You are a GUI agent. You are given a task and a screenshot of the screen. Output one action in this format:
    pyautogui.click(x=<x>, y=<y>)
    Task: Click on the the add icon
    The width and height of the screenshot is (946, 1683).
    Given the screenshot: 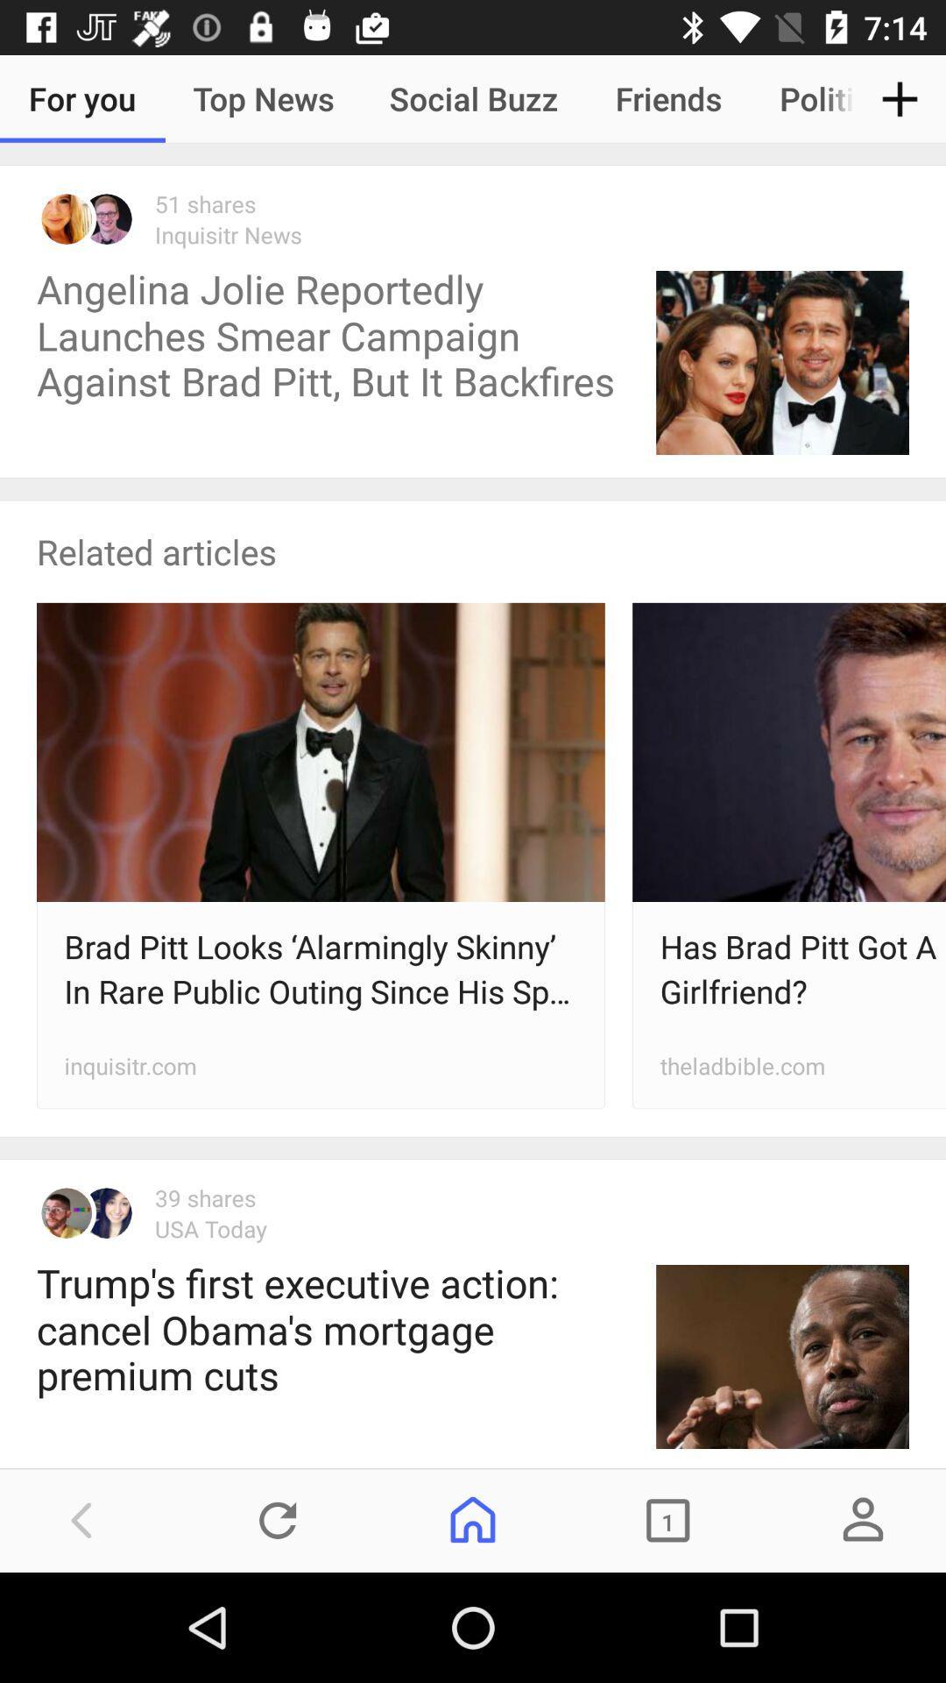 What is the action you would take?
    pyautogui.click(x=900, y=97)
    